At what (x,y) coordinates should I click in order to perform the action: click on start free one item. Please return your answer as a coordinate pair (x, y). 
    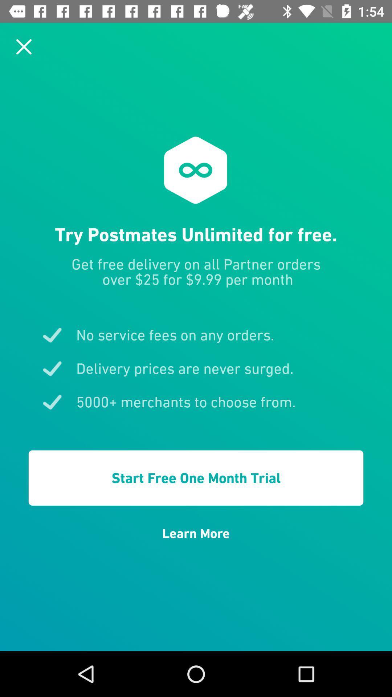
    Looking at the image, I should click on (196, 478).